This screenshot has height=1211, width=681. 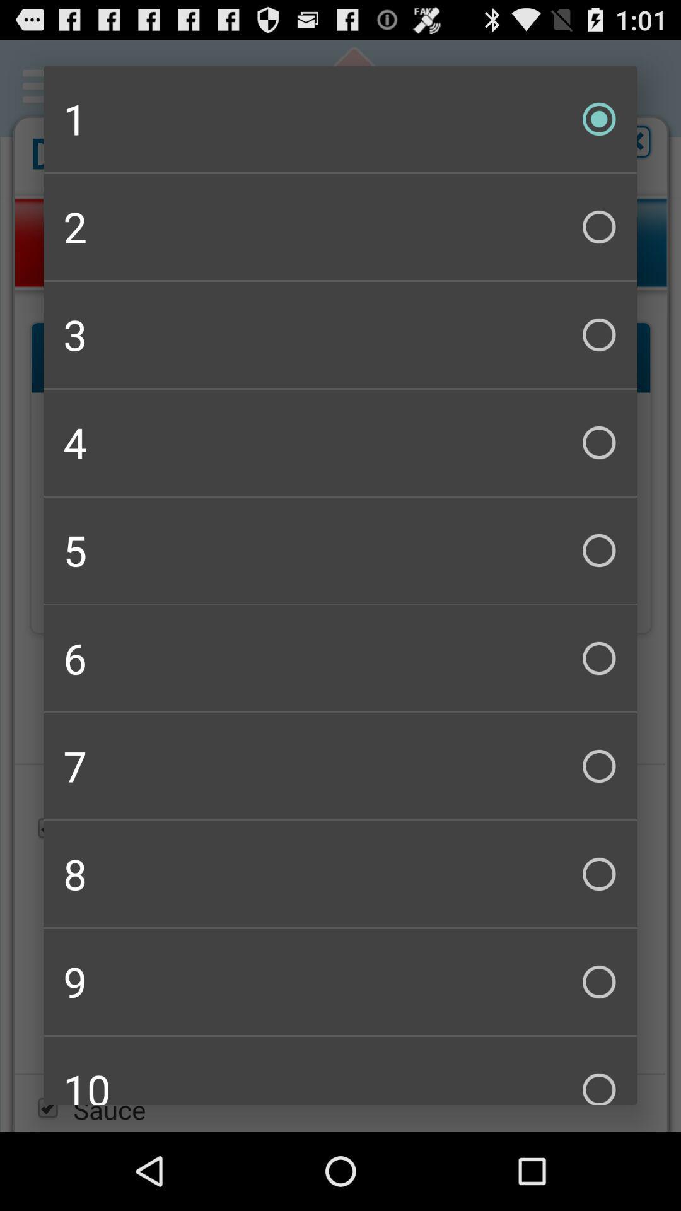 What do you see at coordinates (340, 981) in the screenshot?
I see `9 checkbox` at bounding box center [340, 981].